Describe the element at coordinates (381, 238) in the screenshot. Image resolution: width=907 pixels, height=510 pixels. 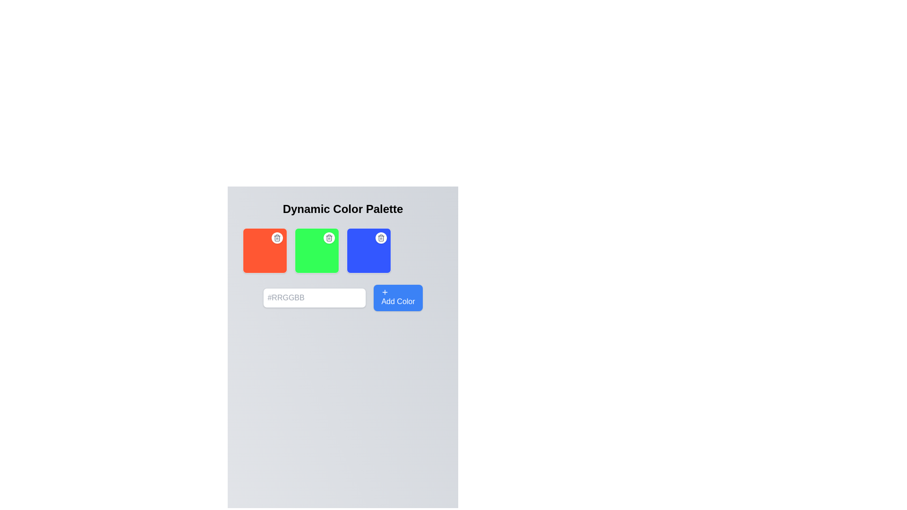
I see `the delete button located at the top right corner of the blue rectangular color card in the third position under the 'Dynamic Color Palette' section` at that location.